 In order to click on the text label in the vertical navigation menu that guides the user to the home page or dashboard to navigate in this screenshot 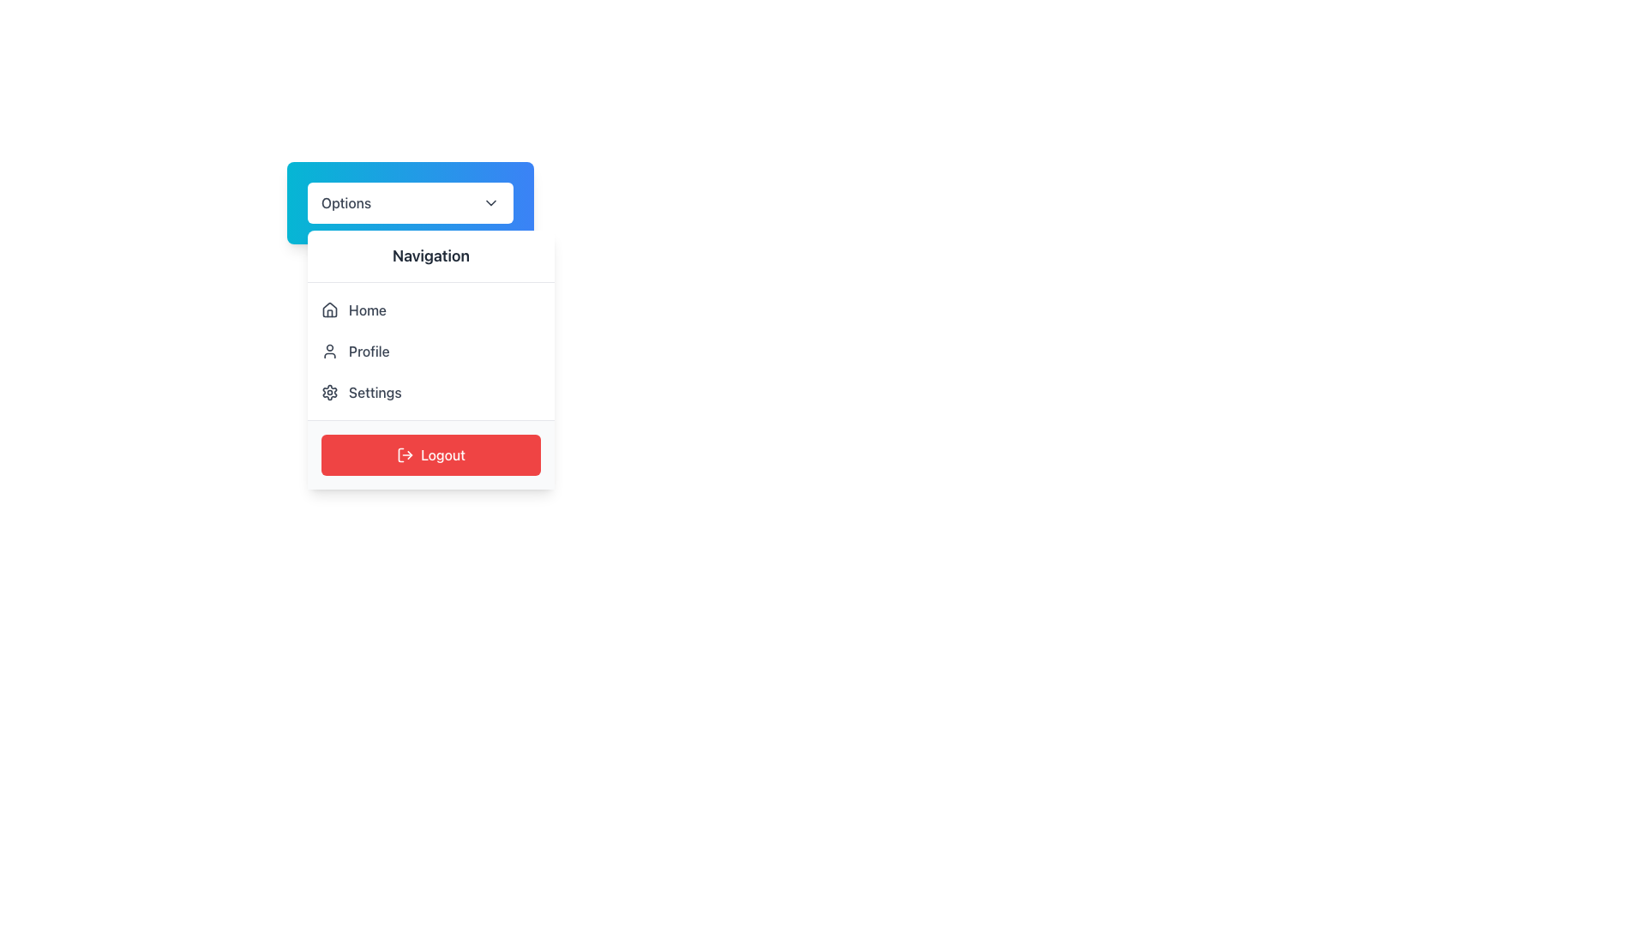, I will do `click(366, 310)`.